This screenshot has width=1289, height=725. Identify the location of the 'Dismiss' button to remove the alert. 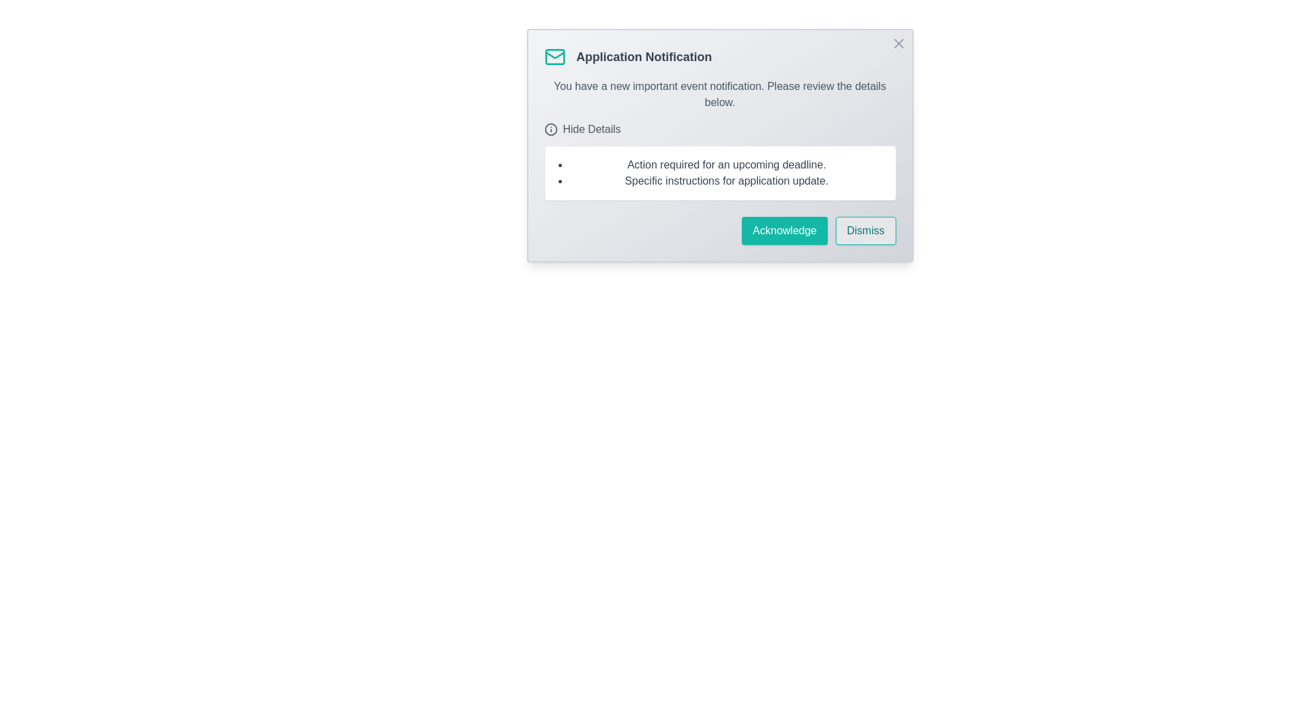
(865, 230).